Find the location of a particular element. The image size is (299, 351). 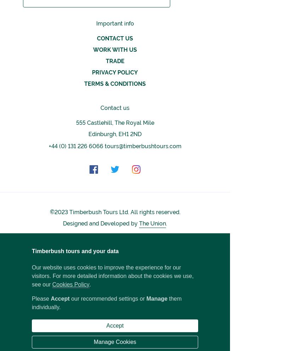

'Manage Cookies' is located at coordinates (115, 342).